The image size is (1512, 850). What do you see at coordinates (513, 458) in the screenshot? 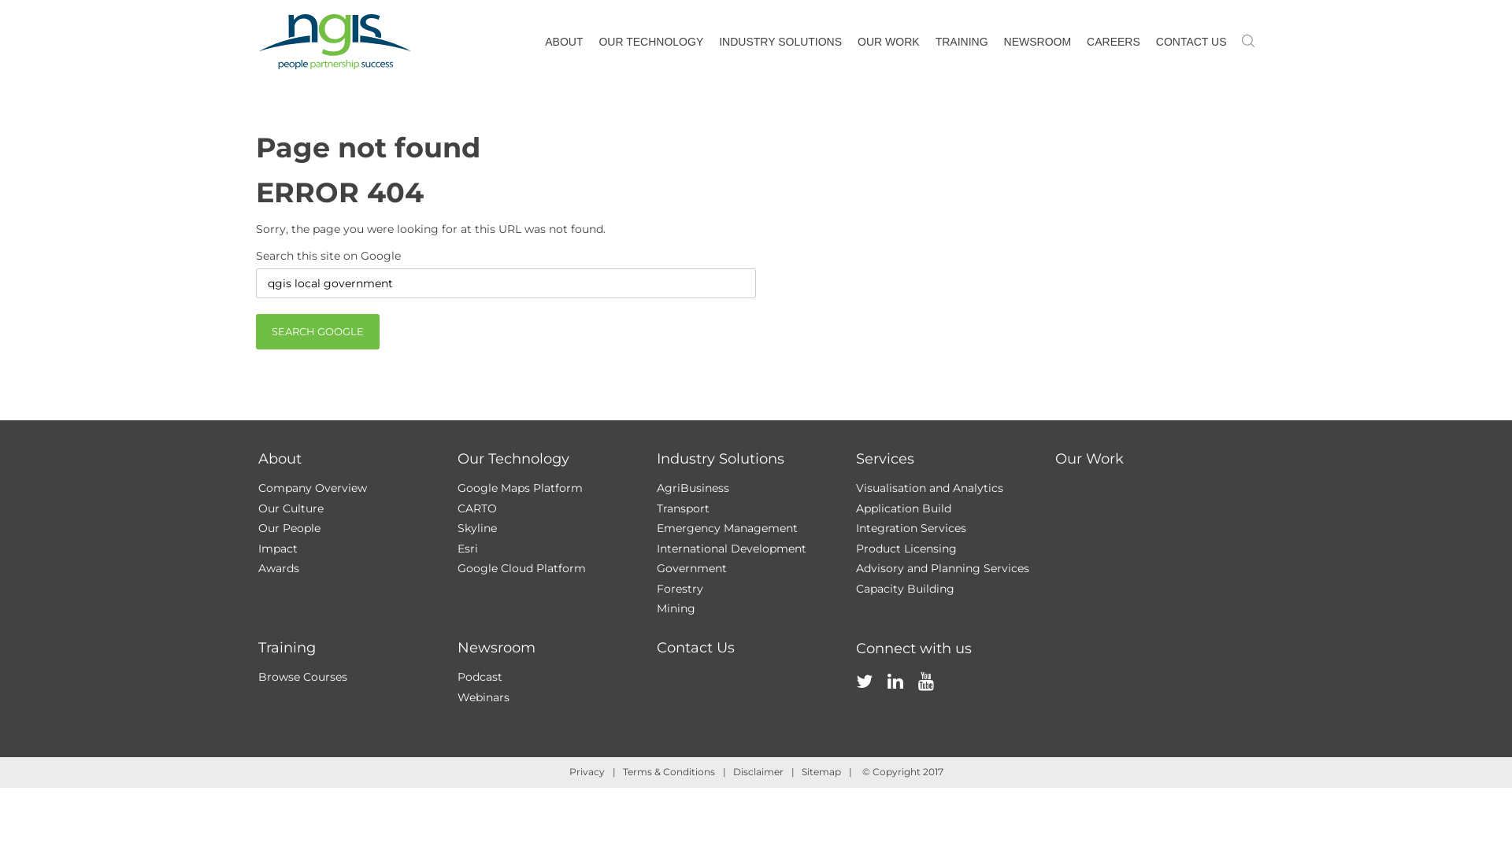
I see `'Our Technology'` at bounding box center [513, 458].